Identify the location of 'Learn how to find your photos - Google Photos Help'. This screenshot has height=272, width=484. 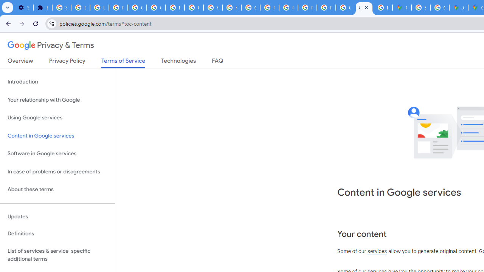
(99, 8).